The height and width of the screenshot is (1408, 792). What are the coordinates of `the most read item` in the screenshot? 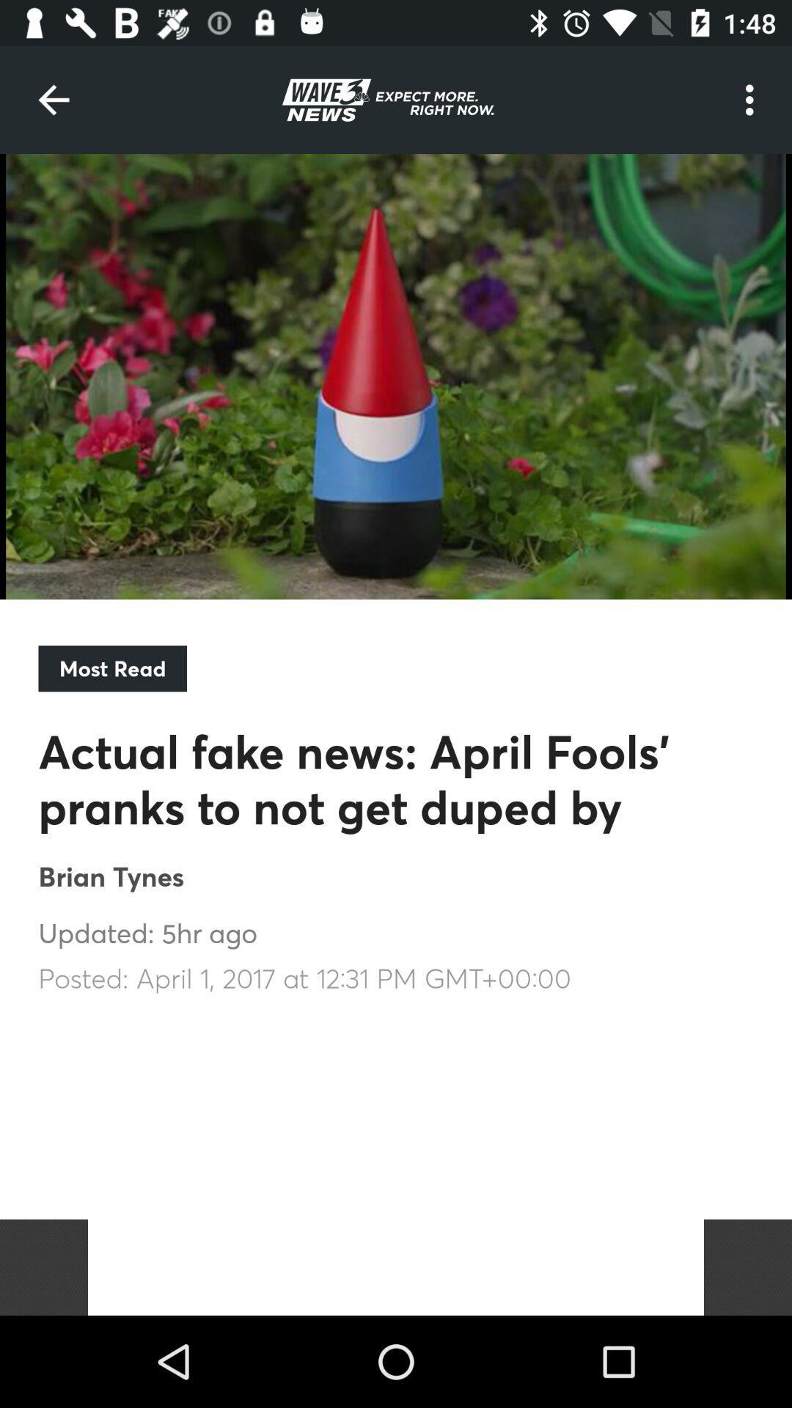 It's located at (111, 668).